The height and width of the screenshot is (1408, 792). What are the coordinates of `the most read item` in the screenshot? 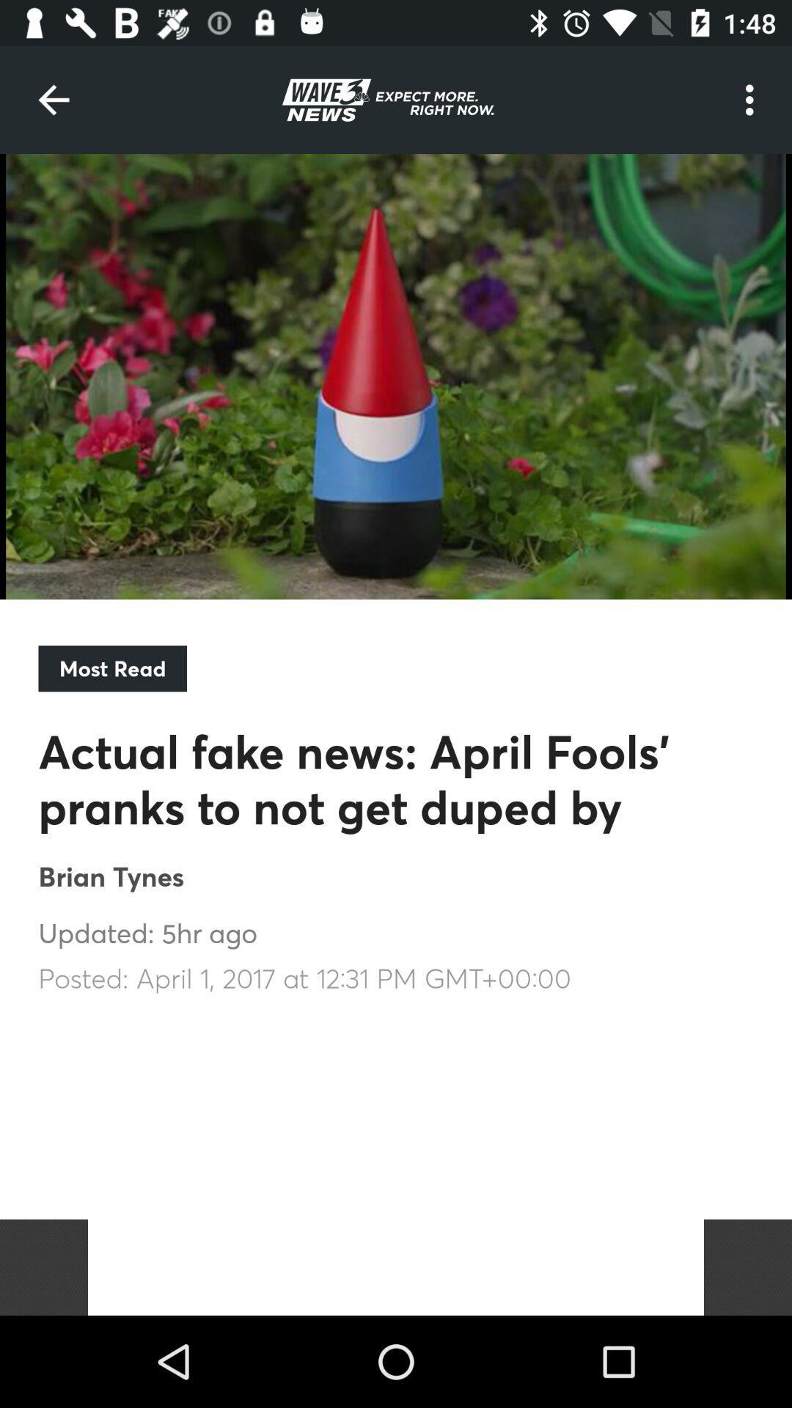 It's located at (111, 668).